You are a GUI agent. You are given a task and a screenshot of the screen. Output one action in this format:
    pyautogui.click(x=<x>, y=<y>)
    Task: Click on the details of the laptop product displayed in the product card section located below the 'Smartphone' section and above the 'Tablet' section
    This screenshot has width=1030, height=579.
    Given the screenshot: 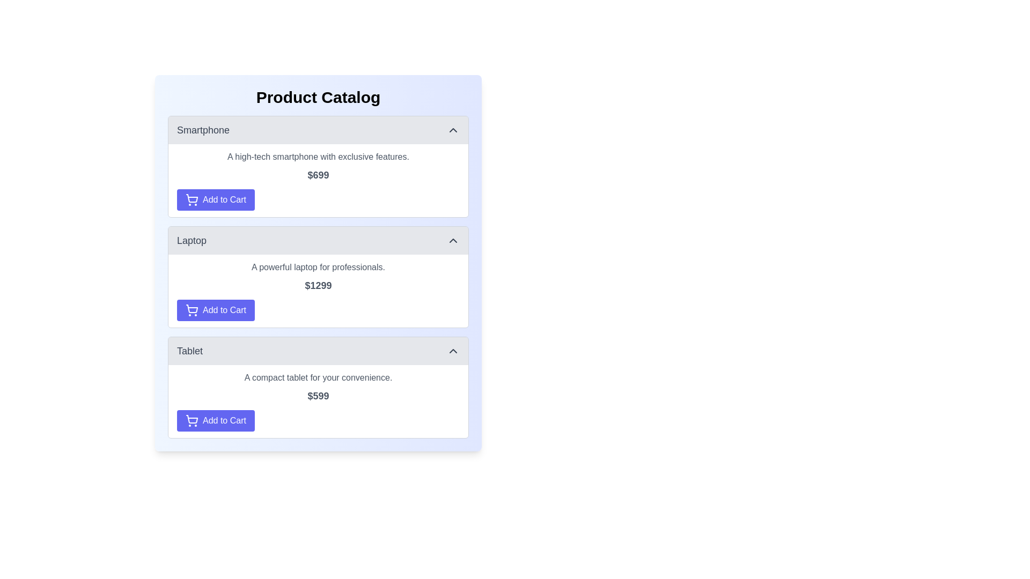 What is the action you would take?
    pyautogui.click(x=318, y=291)
    